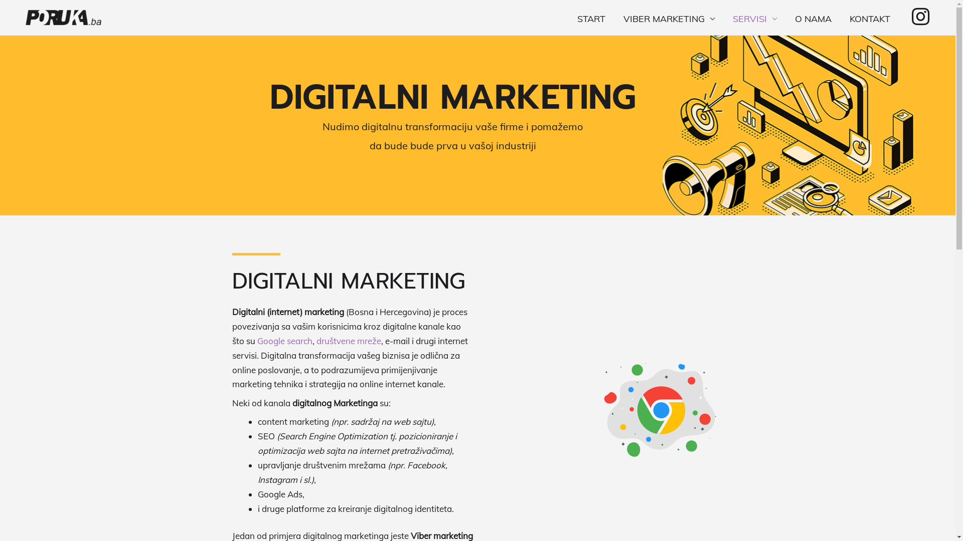 This screenshot has width=963, height=541. Describe the element at coordinates (869, 19) in the screenshot. I see `'KONTAKT'` at that location.